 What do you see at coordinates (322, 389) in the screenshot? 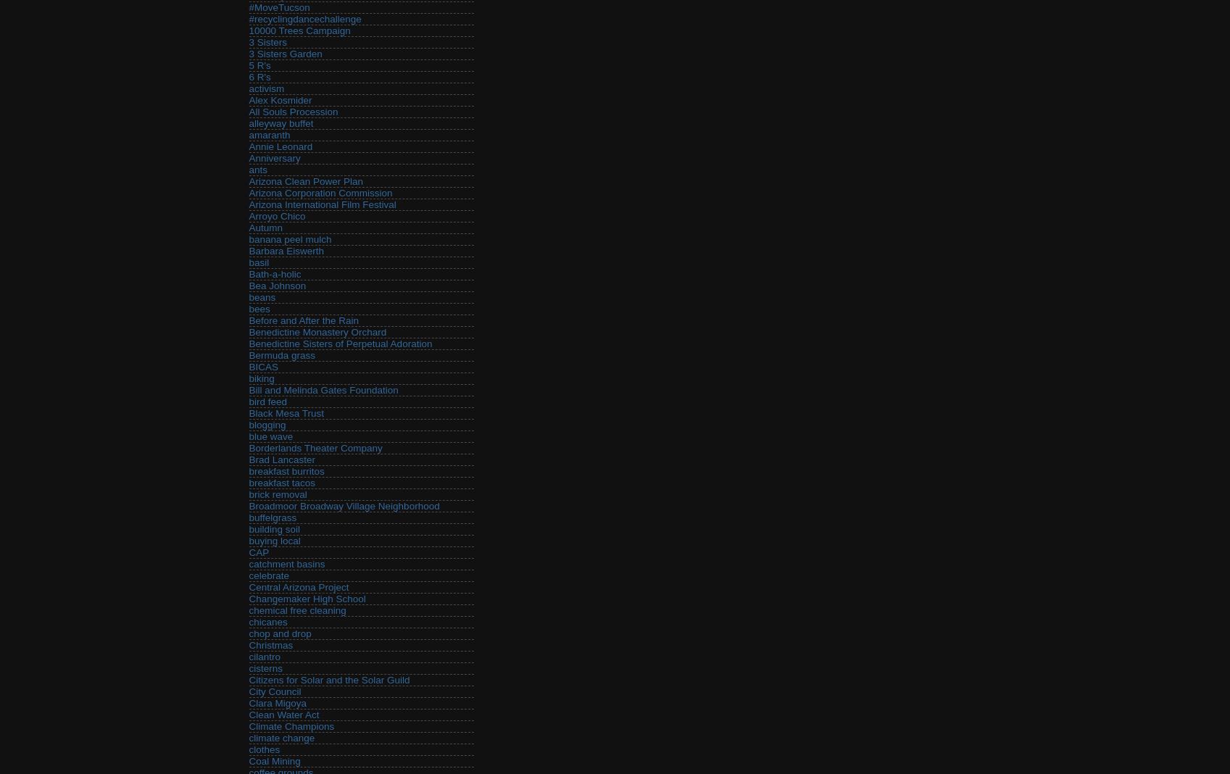
I see `'Bill and Melinda Gates Foundation'` at bounding box center [322, 389].